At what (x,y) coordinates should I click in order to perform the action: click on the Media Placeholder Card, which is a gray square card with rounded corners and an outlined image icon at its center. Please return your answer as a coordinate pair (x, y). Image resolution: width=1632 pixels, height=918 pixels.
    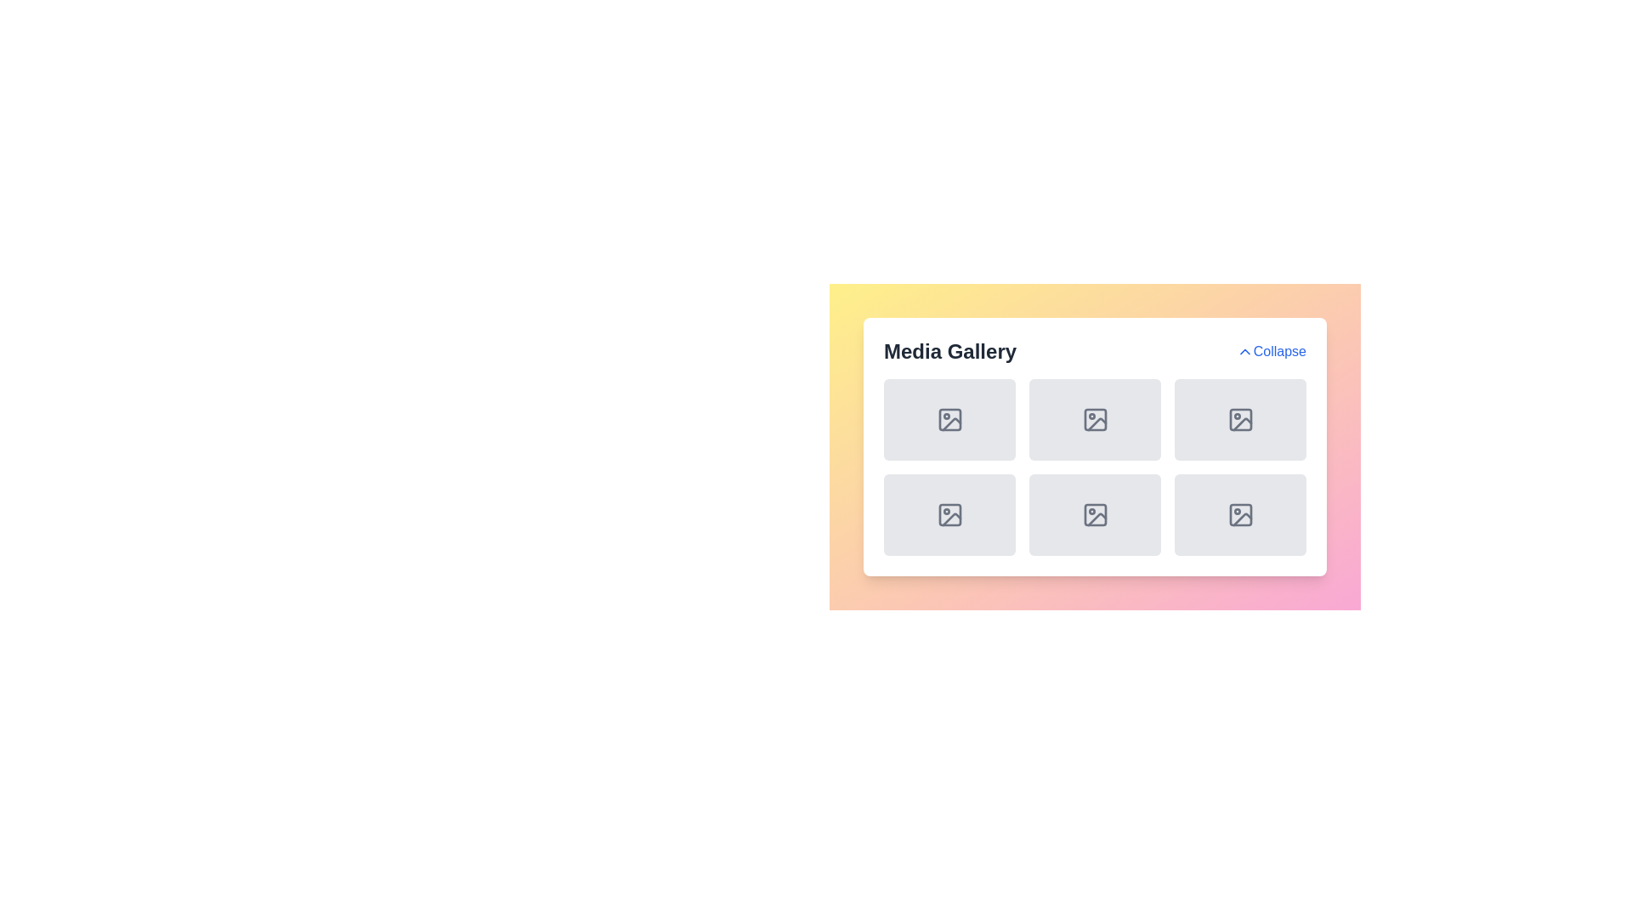
    Looking at the image, I should click on (1095, 419).